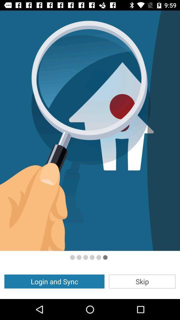 This screenshot has height=320, width=180. I want to click on item next to the skip app, so click(54, 281).